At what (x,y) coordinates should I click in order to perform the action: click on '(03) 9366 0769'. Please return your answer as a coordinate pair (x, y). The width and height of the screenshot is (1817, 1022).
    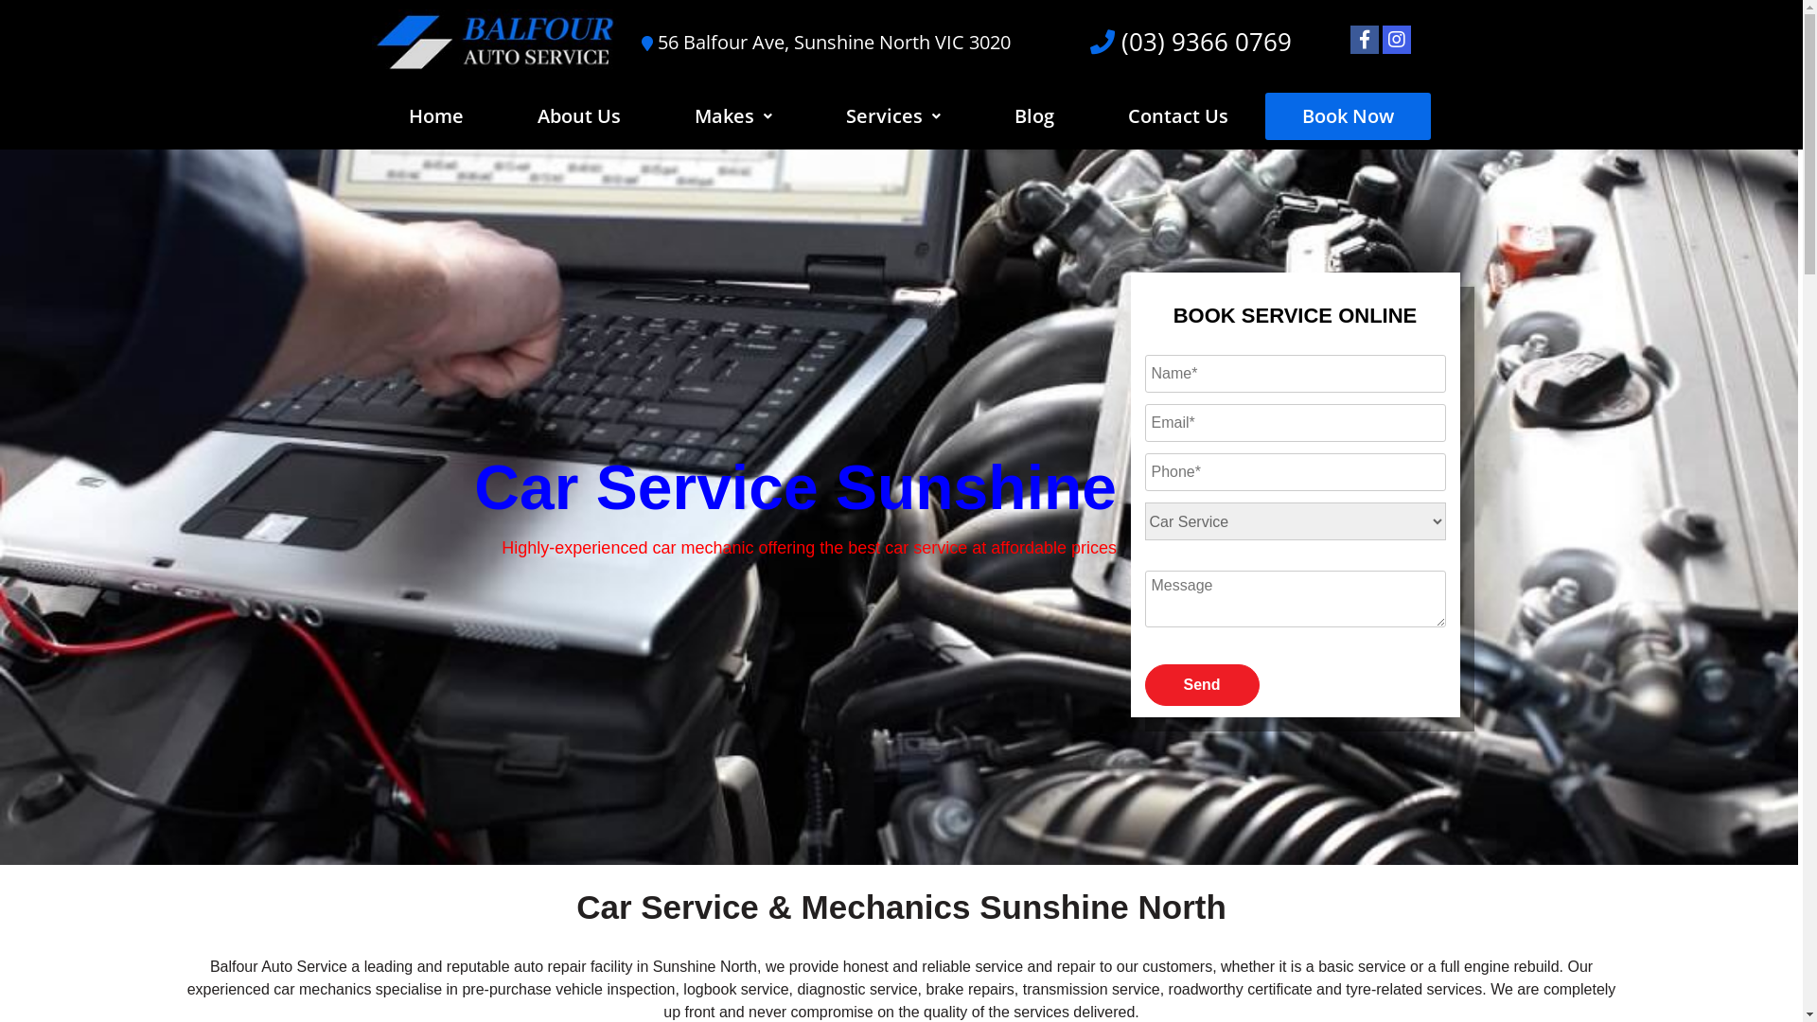
    Looking at the image, I should click on (1202, 41).